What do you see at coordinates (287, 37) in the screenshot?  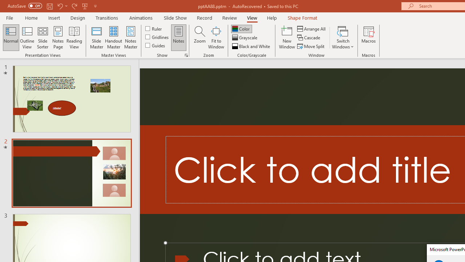 I see `'New Window'` at bounding box center [287, 37].